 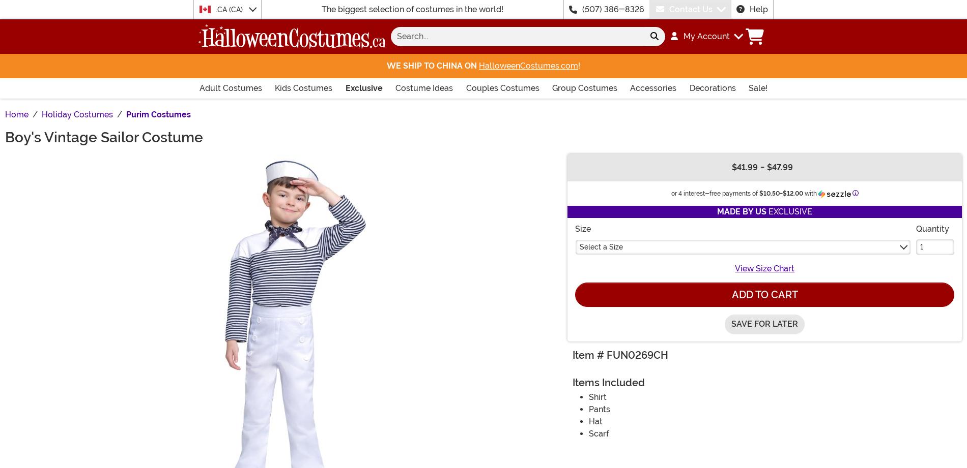 I want to click on 'Your kid might want to wear these dress whites while driving his RC boat in the annual race or while throwing candy in the 4', so click(x=477, y=190).